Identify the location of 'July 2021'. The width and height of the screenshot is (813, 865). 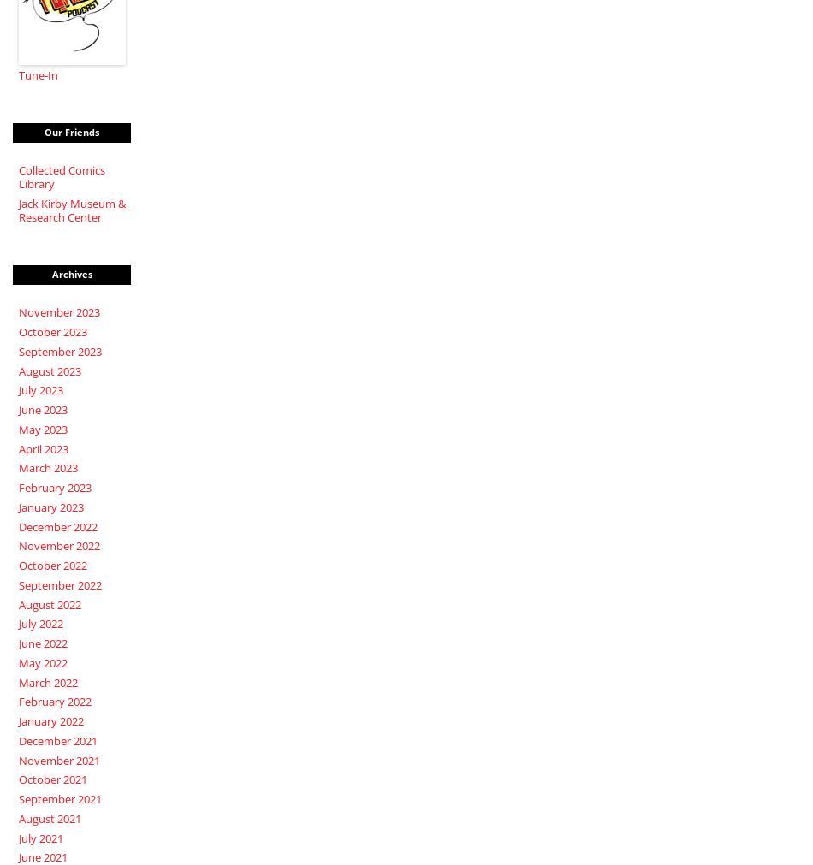
(40, 837).